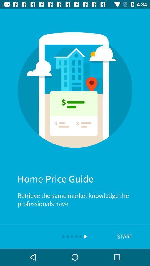 The width and height of the screenshot is (150, 266). What do you see at coordinates (125, 236) in the screenshot?
I see `the item at the bottom right corner` at bounding box center [125, 236].